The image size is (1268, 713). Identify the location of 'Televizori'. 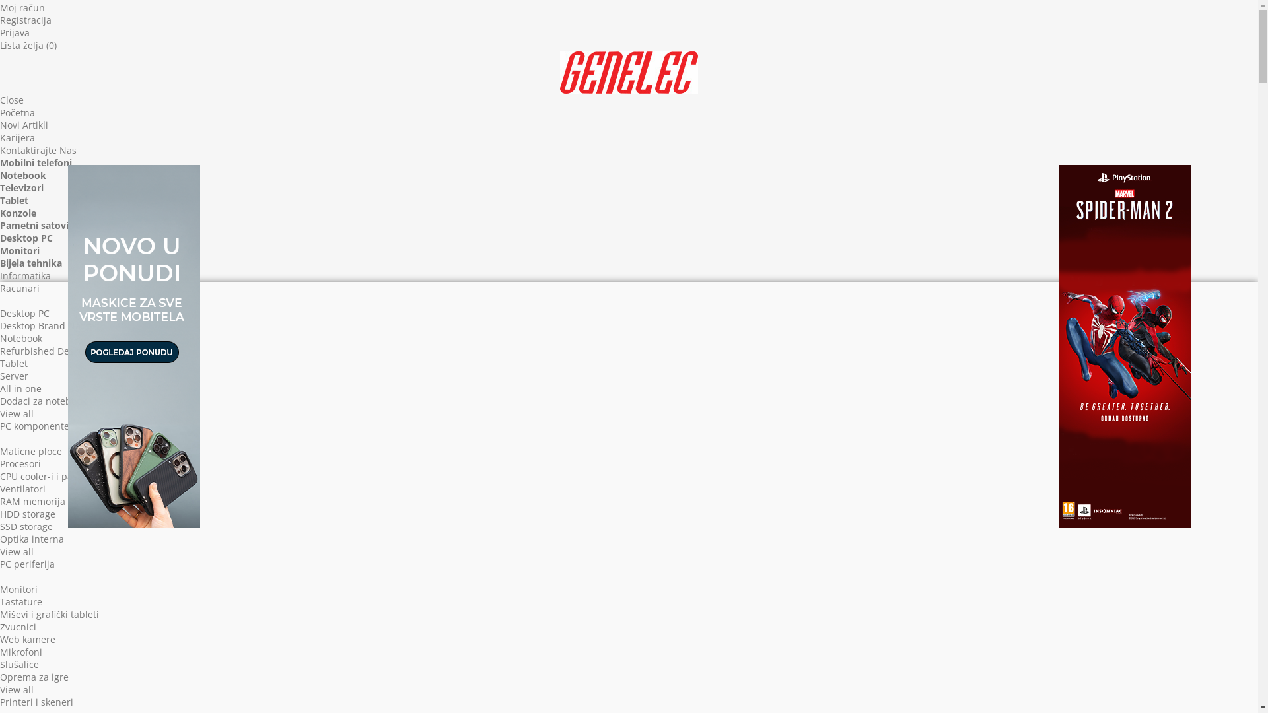
(0, 187).